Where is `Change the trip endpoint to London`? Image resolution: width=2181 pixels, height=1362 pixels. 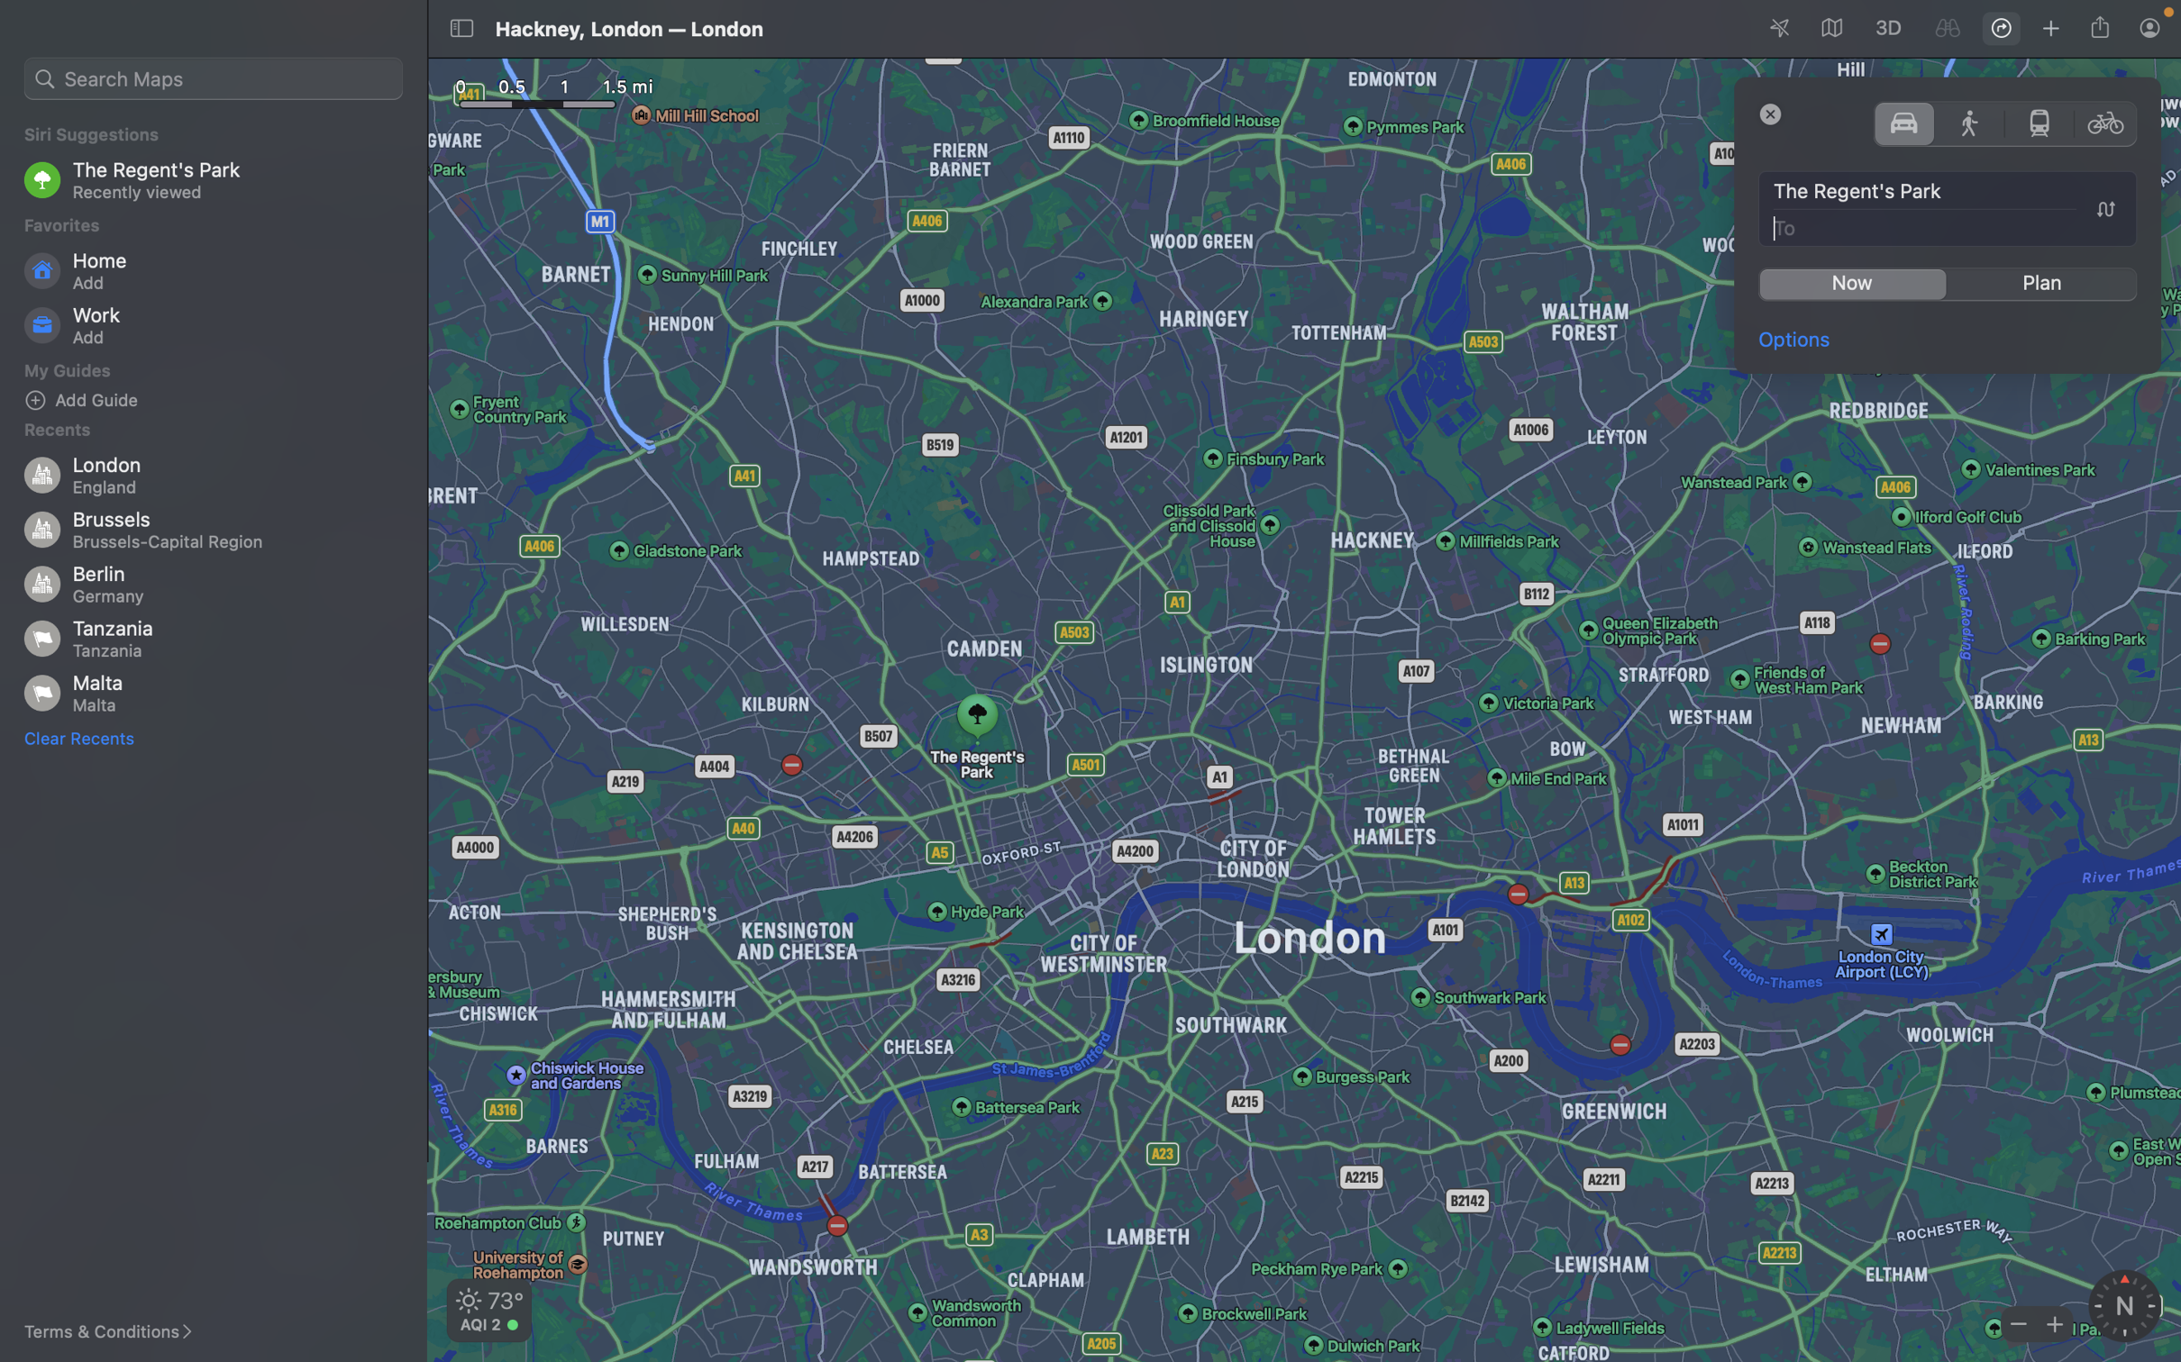
Change the trip endpoint to London is located at coordinates (1948, 226).